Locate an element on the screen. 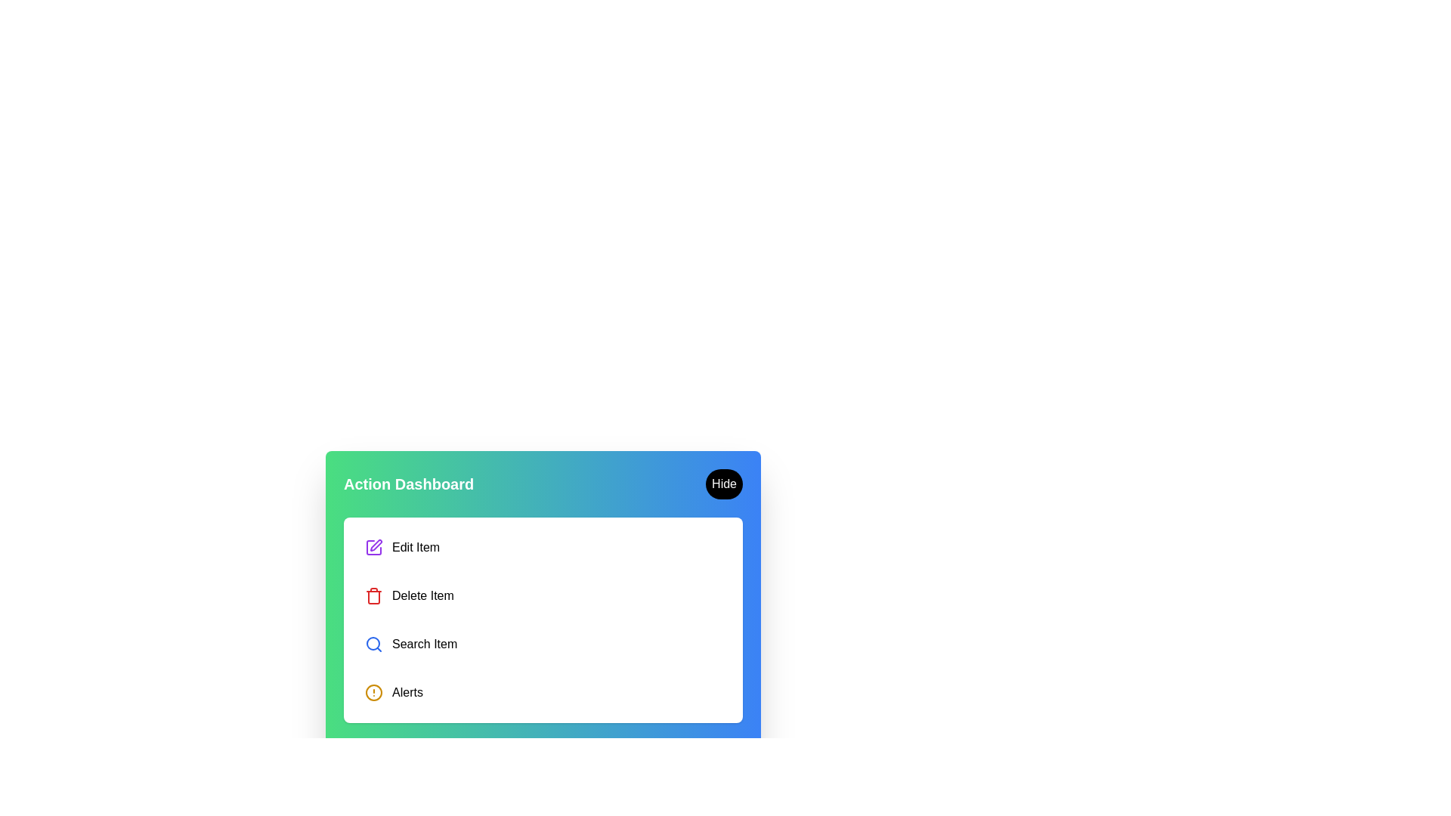 Image resolution: width=1451 pixels, height=816 pixels. the fourth clickable menu item in the 'Action Dashboard' is located at coordinates (543, 693).